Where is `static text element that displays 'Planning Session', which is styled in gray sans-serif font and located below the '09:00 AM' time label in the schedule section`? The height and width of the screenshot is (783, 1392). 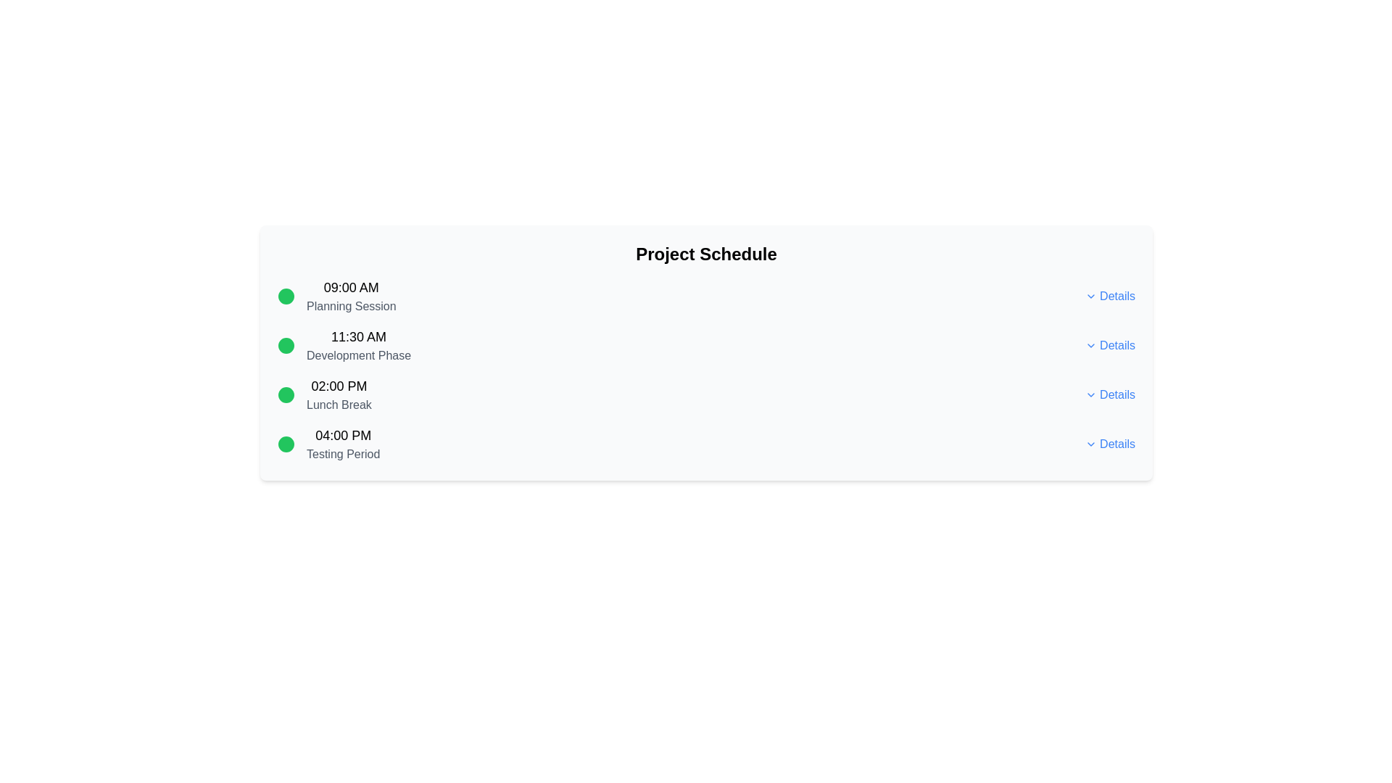
static text element that displays 'Planning Session', which is styled in gray sans-serif font and located below the '09:00 AM' time label in the schedule section is located at coordinates (351, 306).